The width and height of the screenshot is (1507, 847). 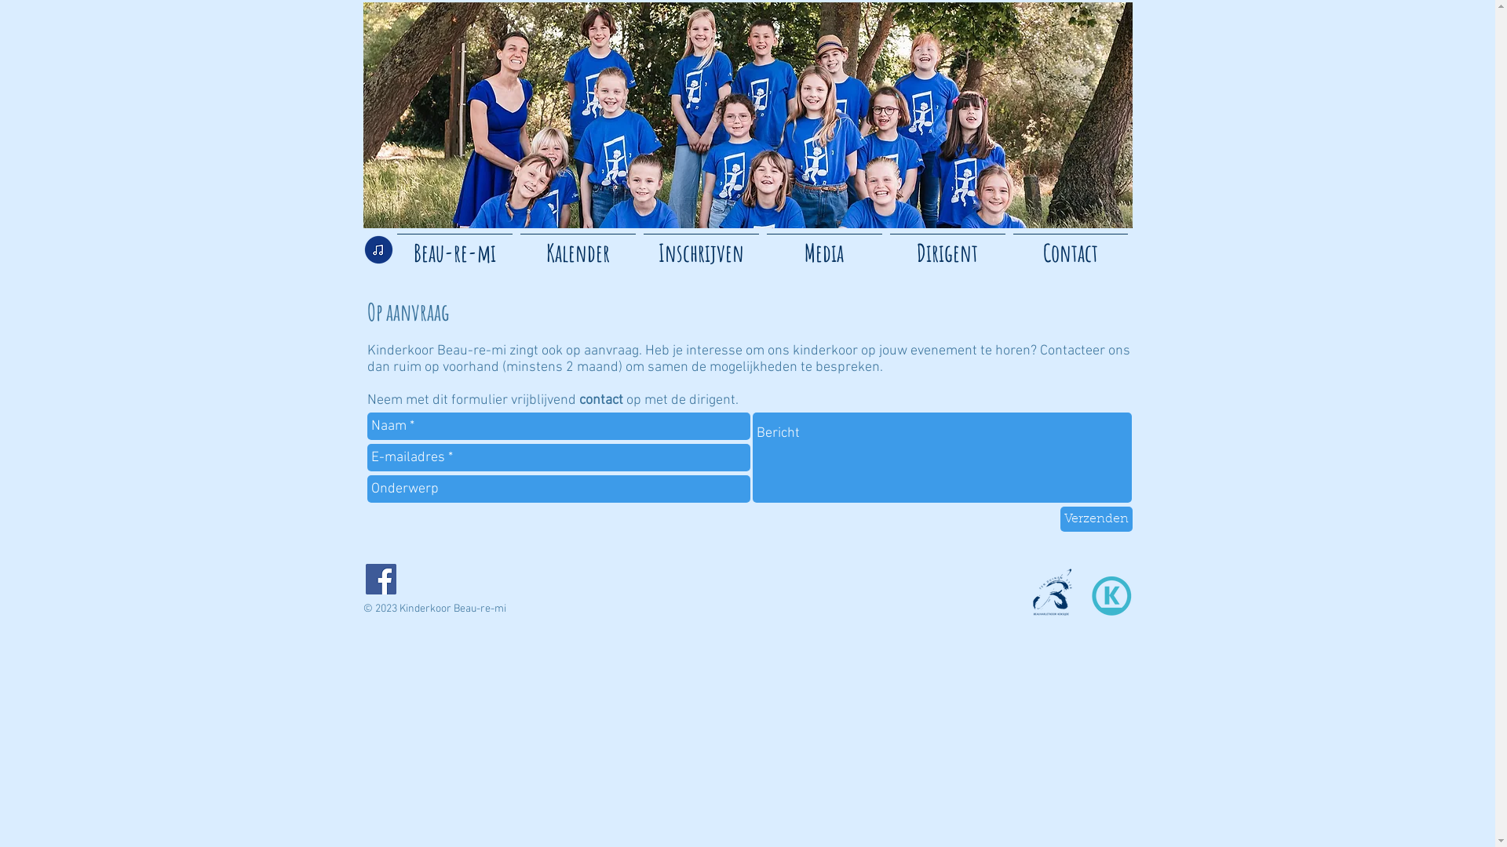 What do you see at coordinates (699, 245) in the screenshot?
I see `'Inschrijven'` at bounding box center [699, 245].